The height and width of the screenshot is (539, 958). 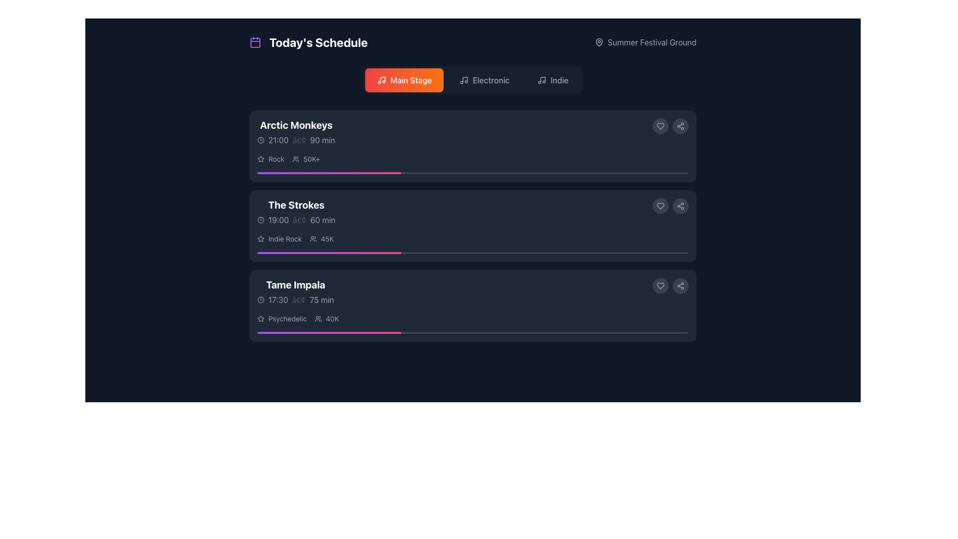 What do you see at coordinates (322, 299) in the screenshot?
I see `the static text label displaying '75 min' in light gray font, which is part of the 'Tame Impala' block and located near the bottom right of its card` at bounding box center [322, 299].